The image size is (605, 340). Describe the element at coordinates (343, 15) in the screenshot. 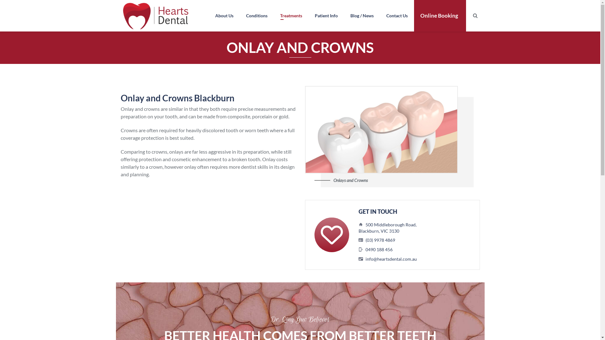

I see `'Blog / News'` at that location.